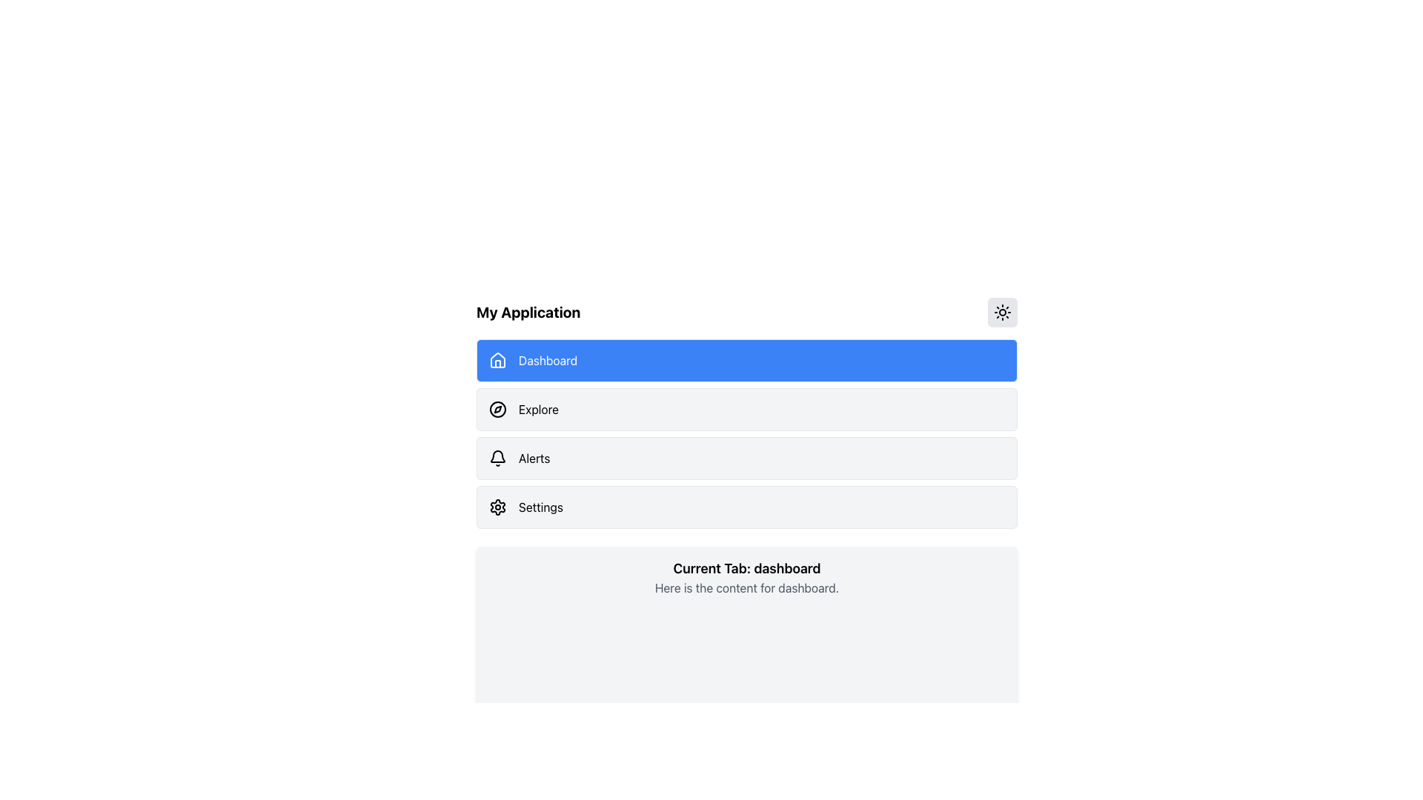 The width and height of the screenshot is (1423, 800). What do you see at coordinates (498, 507) in the screenshot?
I see `the cogwheel icon representing settings, located to the left of the 'Settings' menu item in the vertical navigation bar` at bounding box center [498, 507].